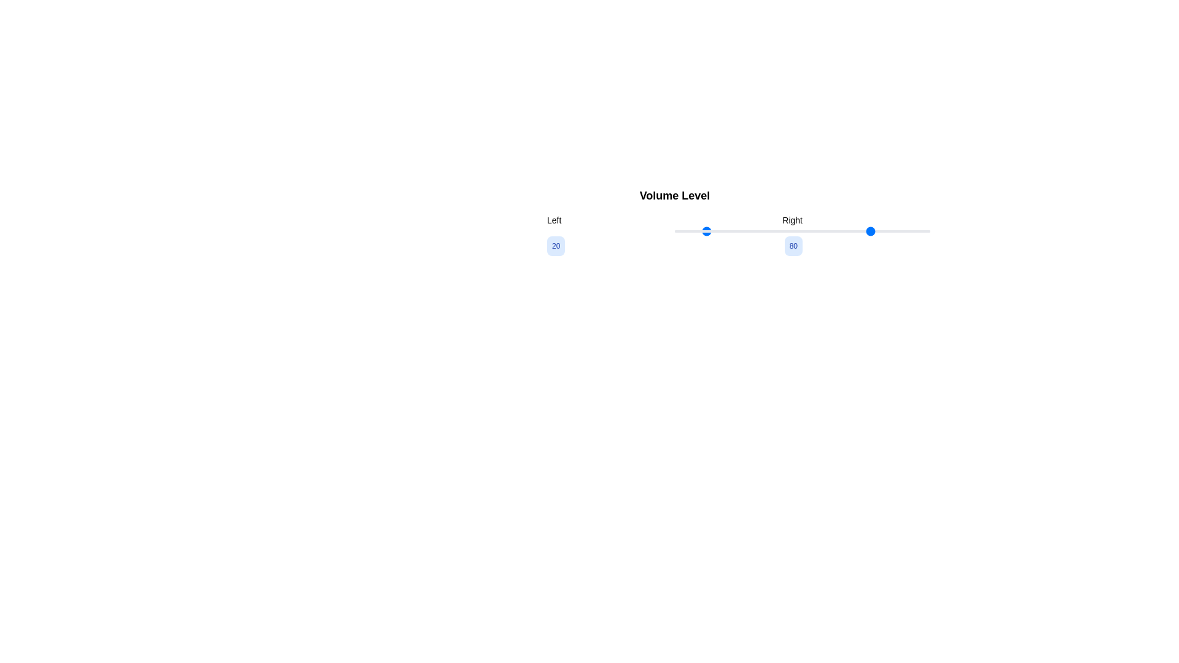 Image resolution: width=1179 pixels, height=663 pixels. I want to click on the text block displaying the numbers '20' and '80' which is centered below the slider in the 'Volume Level' section, so click(674, 246).